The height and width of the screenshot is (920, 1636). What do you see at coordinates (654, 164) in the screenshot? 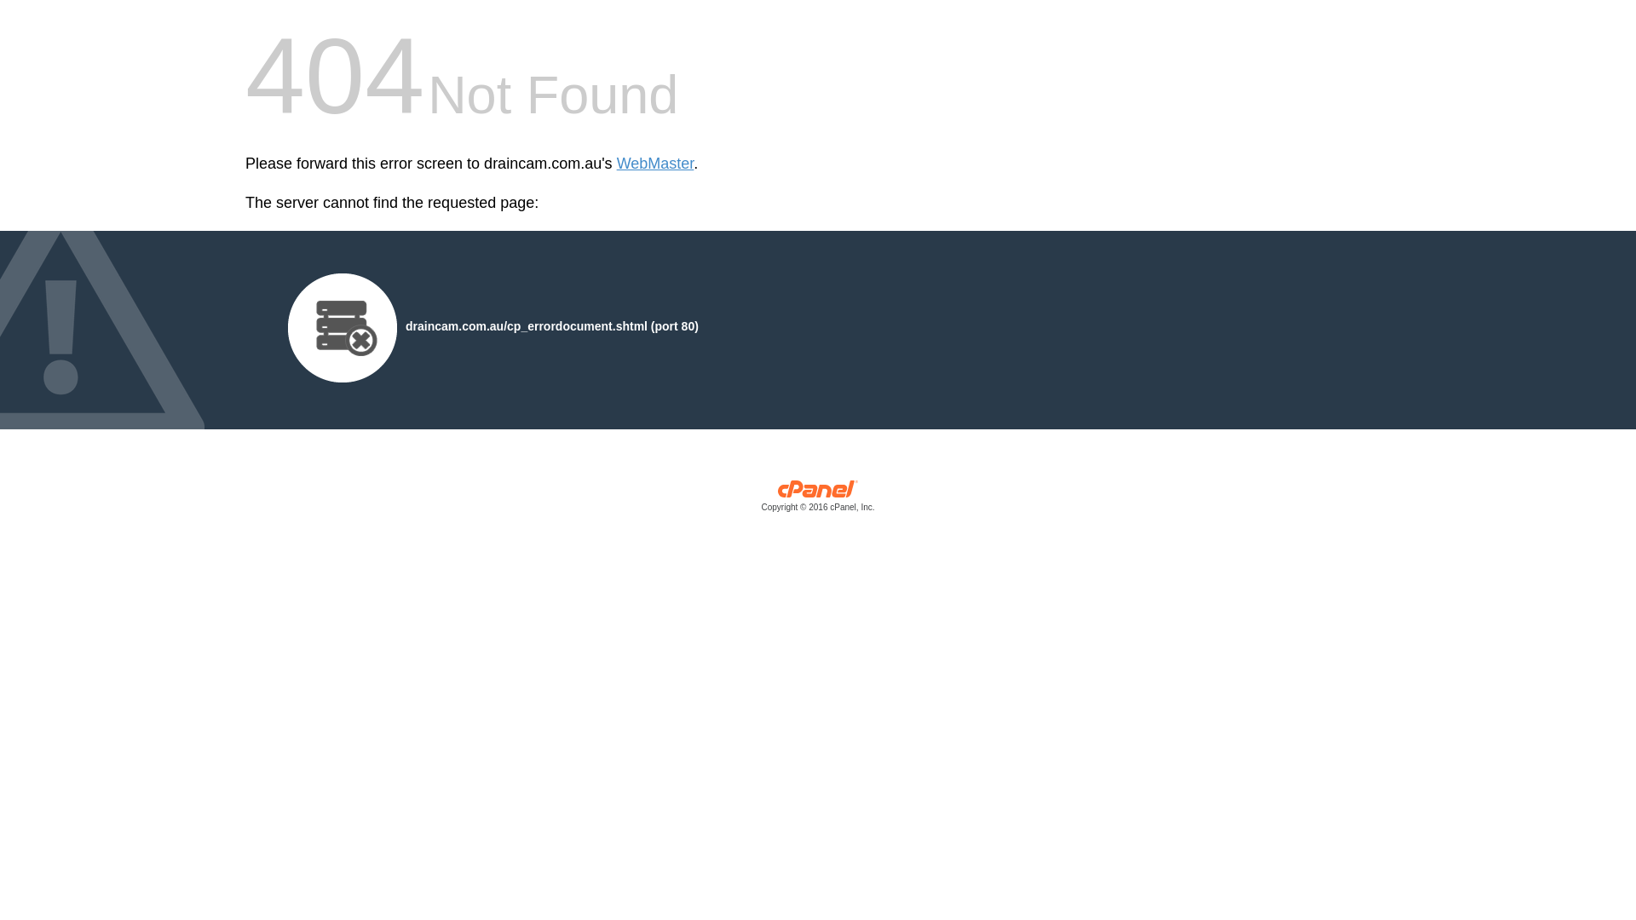
I see `'WebMaster'` at bounding box center [654, 164].